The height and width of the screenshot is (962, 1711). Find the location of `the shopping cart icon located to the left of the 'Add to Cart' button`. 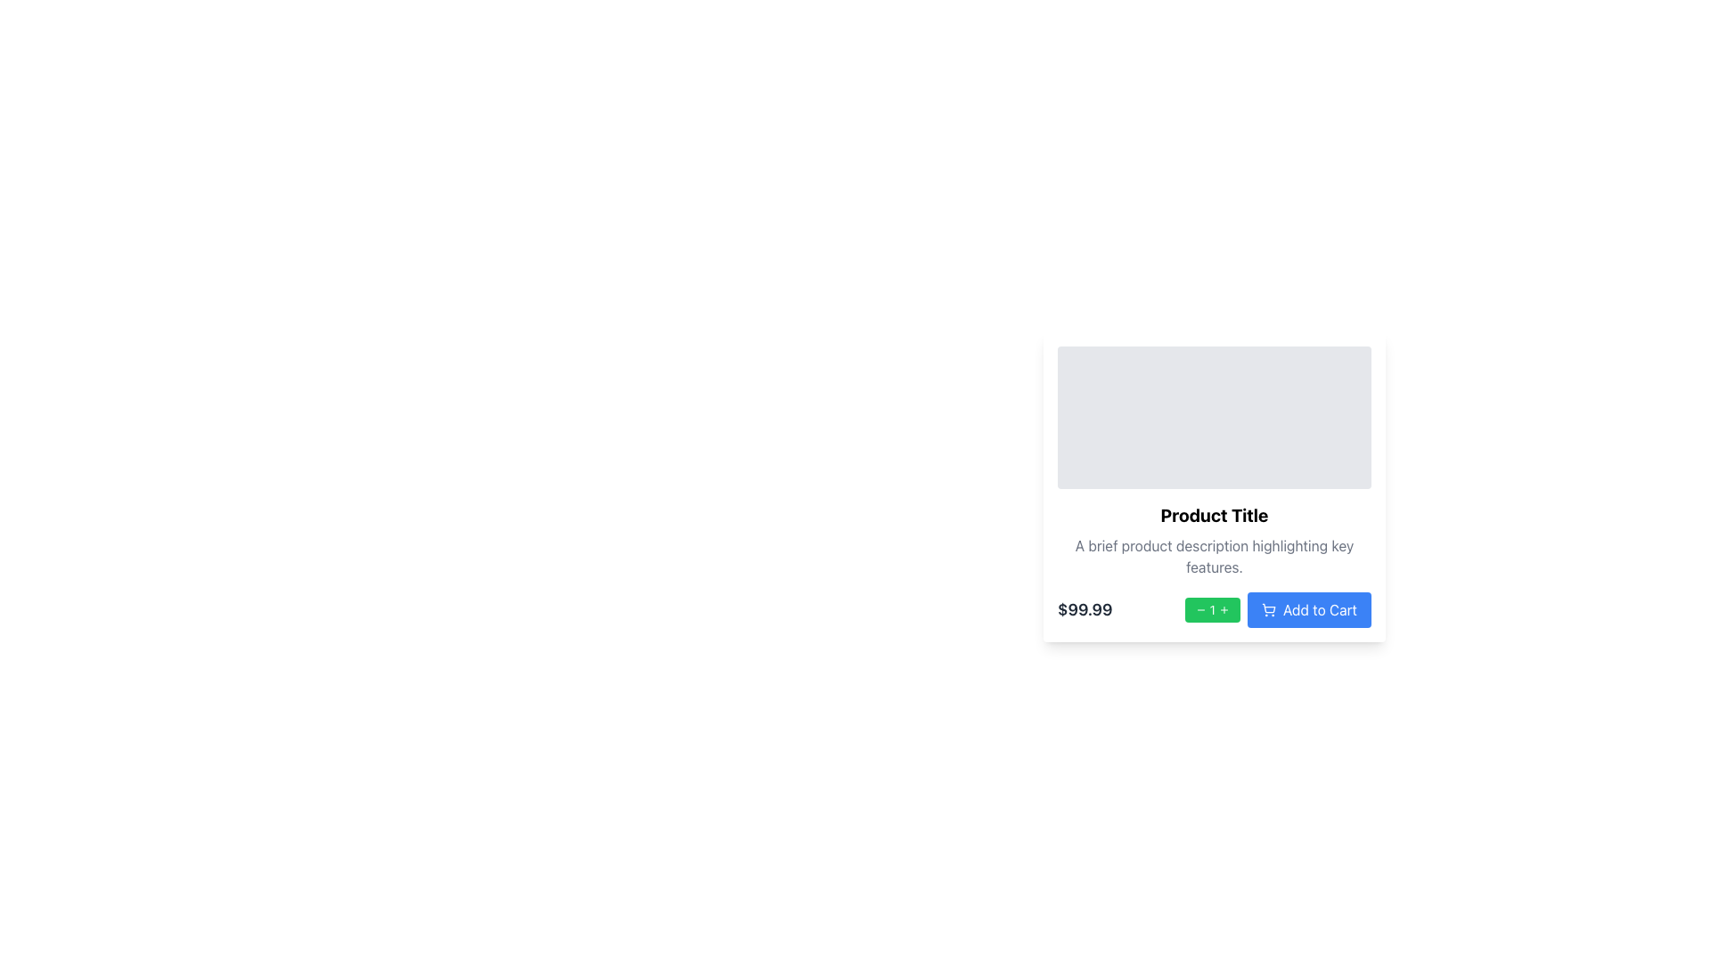

the shopping cart icon located to the left of the 'Add to Cart' button is located at coordinates (1268, 609).